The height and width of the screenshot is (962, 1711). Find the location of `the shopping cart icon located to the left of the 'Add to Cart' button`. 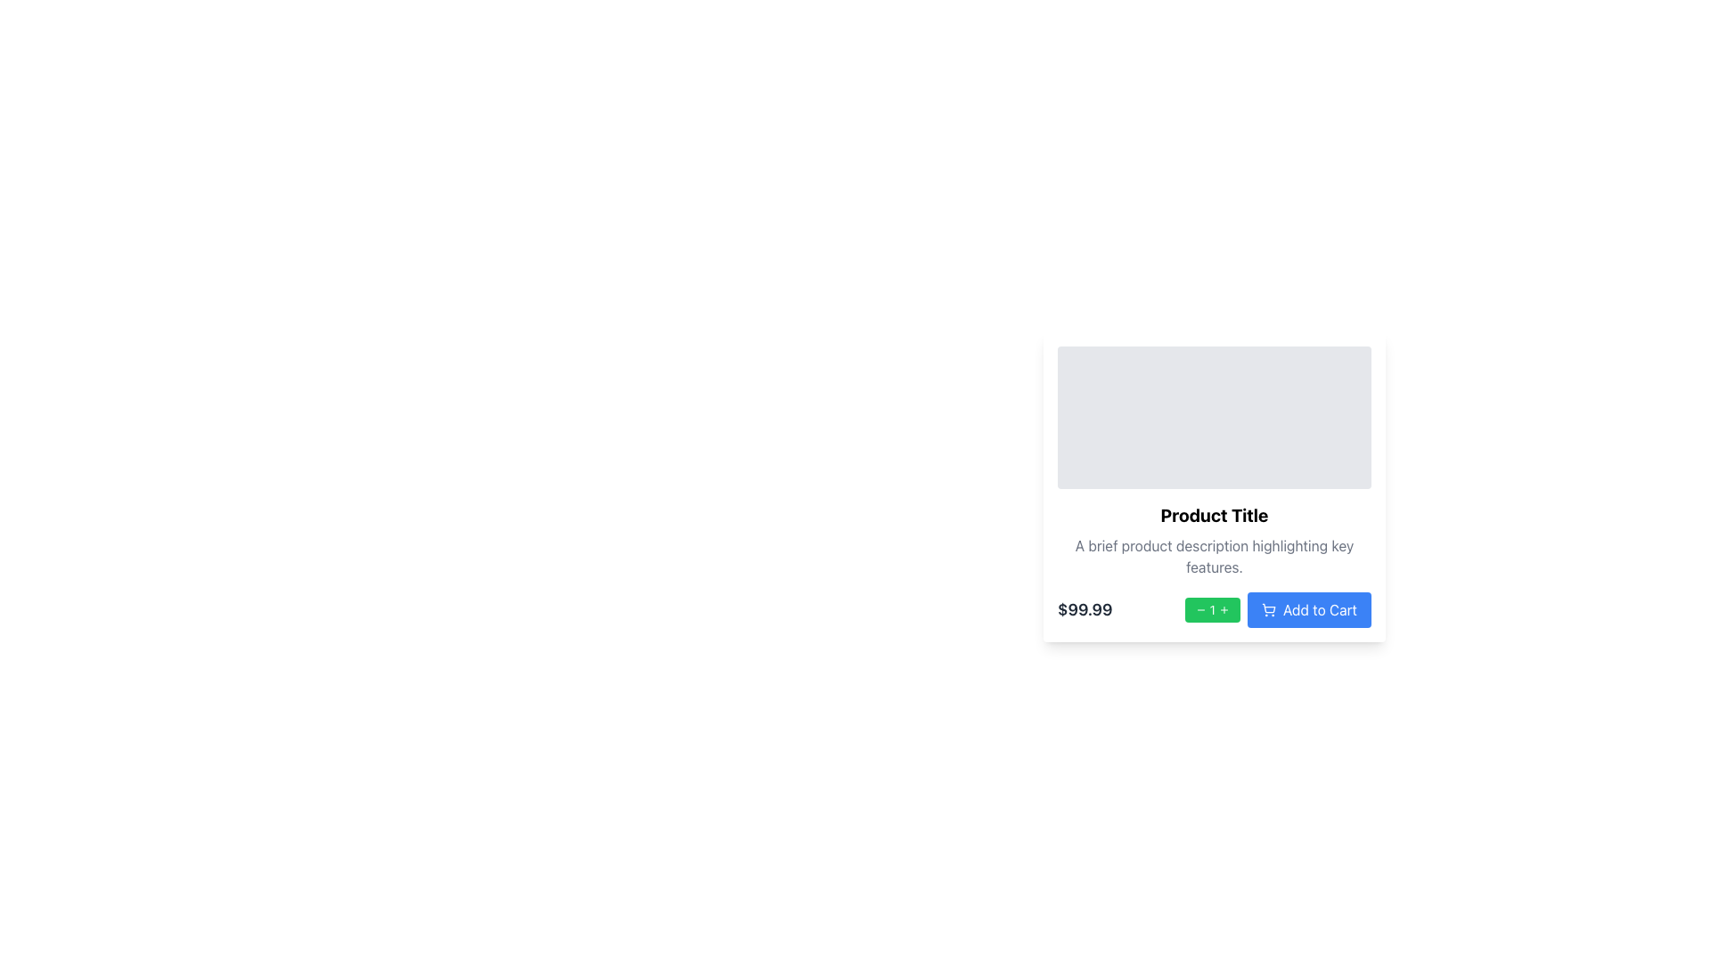

the shopping cart icon located to the left of the 'Add to Cart' button is located at coordinates (1268, 609).